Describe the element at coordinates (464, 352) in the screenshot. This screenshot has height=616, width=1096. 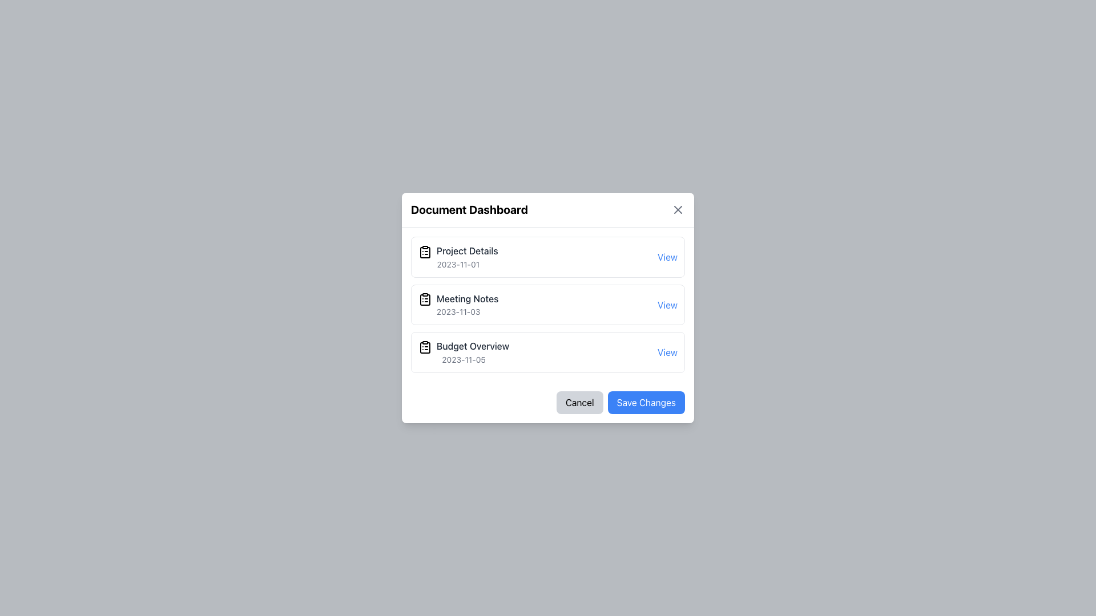
I see `the label with the title 'Budget Overview' and date '2023-11-05' within the 'Document Dashboard' modal dialog, positioned below 'Meeting Notes' and above 'Save Changes'` at that location.